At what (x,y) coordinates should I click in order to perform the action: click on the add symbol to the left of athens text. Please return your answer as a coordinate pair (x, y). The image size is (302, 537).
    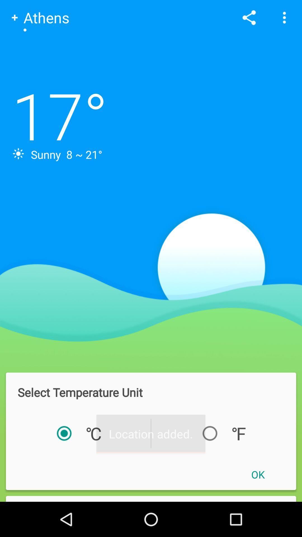
    Looking at the image, I should click on (14, 18).